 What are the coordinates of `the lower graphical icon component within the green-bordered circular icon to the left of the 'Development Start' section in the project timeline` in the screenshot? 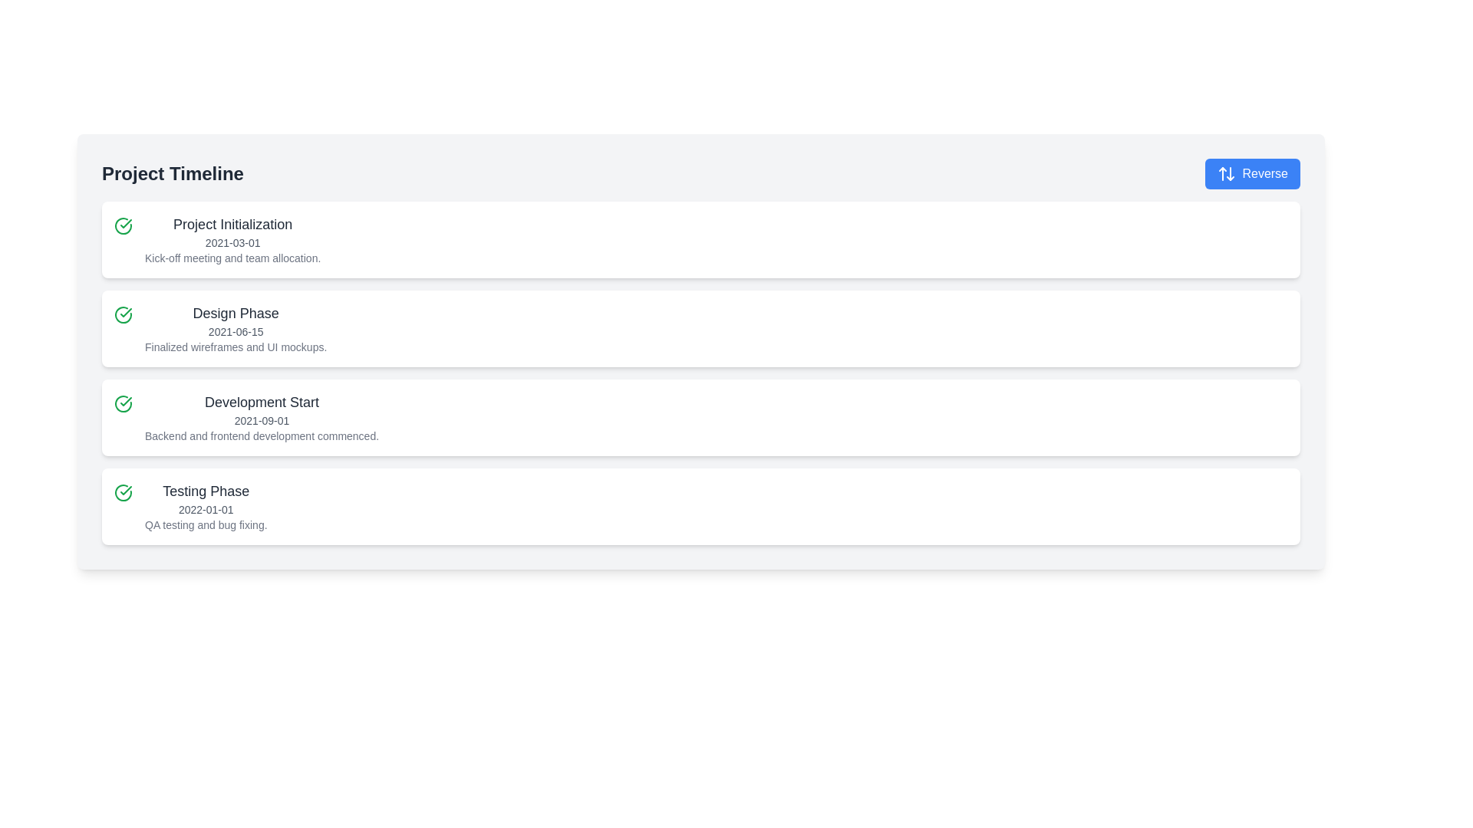 It's located at (126, 401).